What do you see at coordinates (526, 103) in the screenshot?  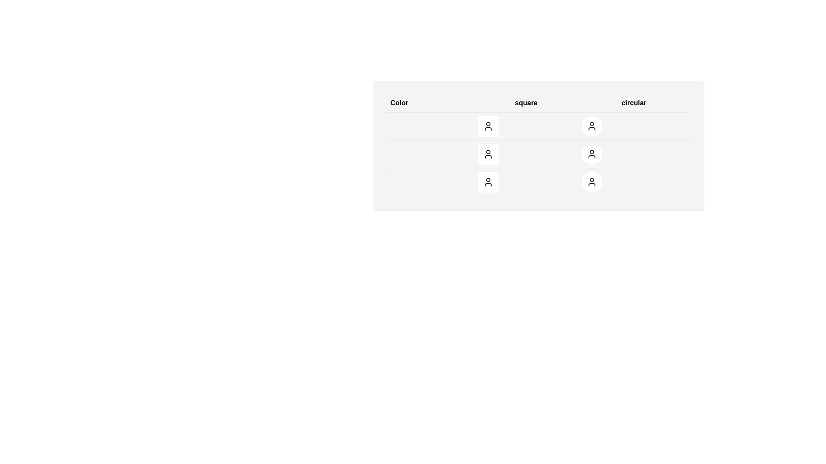 I see `the text label that represents 'square', positioned in the center column of a row with 'Color' on the left and 'circular' on the right` at bounding box center [526, 103].